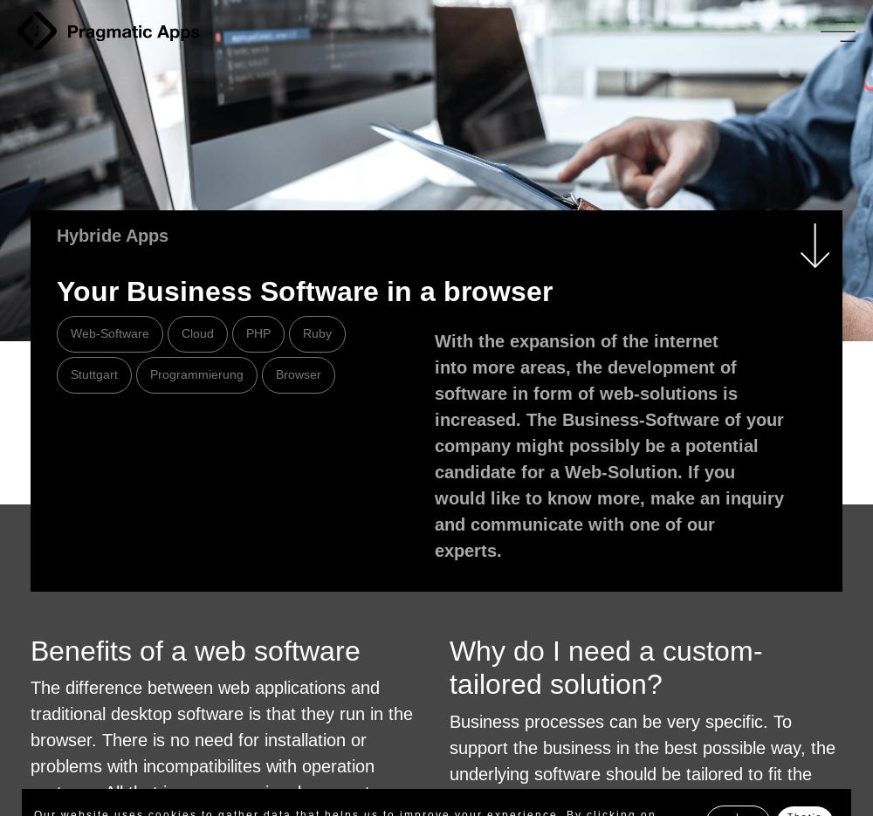 This screenshot has width=873, height=816. What do you see at coordinates (605, 668) in the screenshot?
I see `'Why do I need a custom-tailored solution?'` at bounding box center [605, 668].